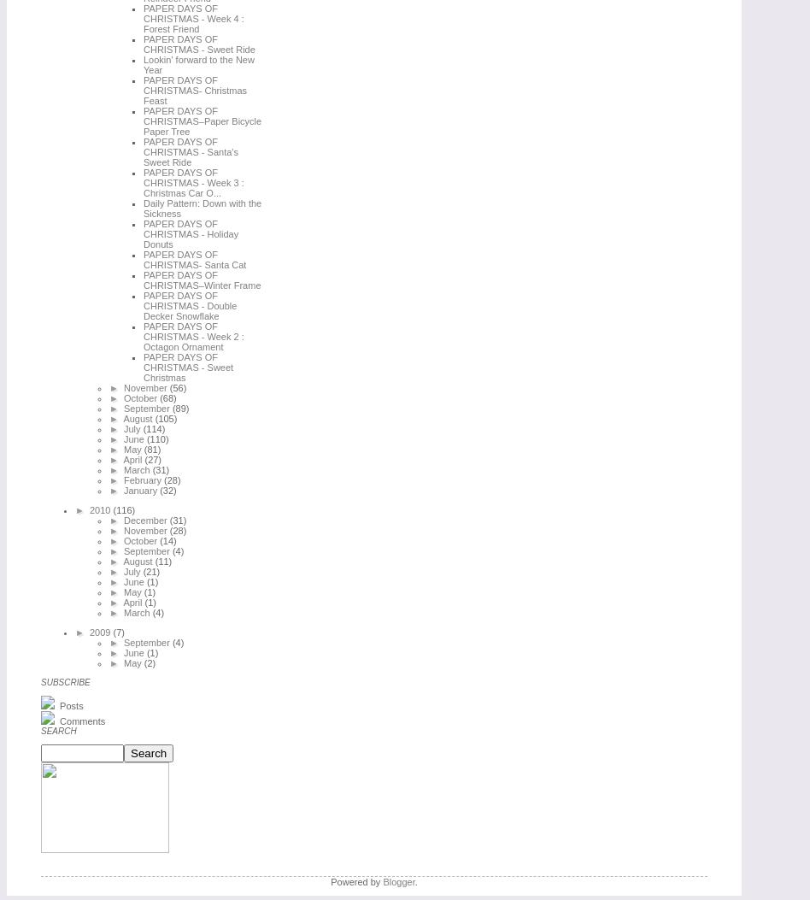 The height and width of the screenshot is (900, 810). What do you see at coordinates (164, 418) in the screenshot?
I see `'(105)'` at bounding box center [164, 418].